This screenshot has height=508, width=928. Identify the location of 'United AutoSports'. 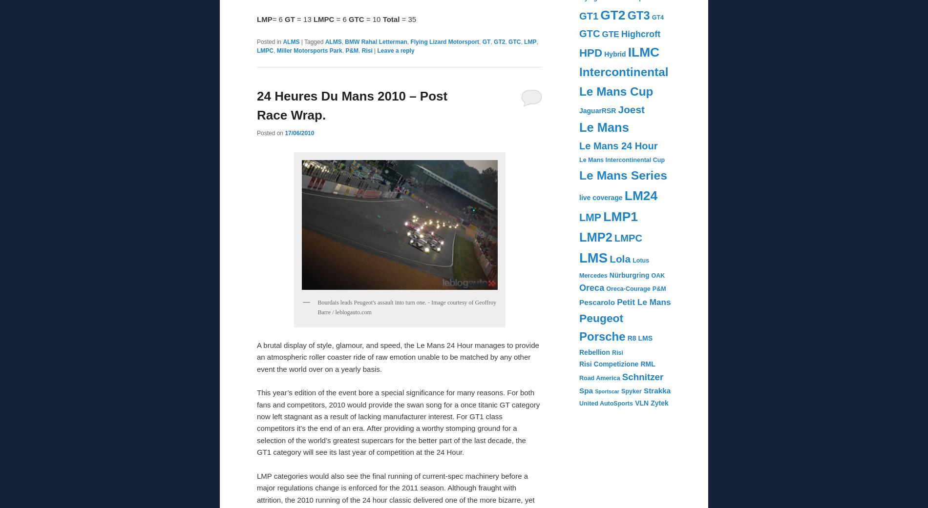
(579, 403).